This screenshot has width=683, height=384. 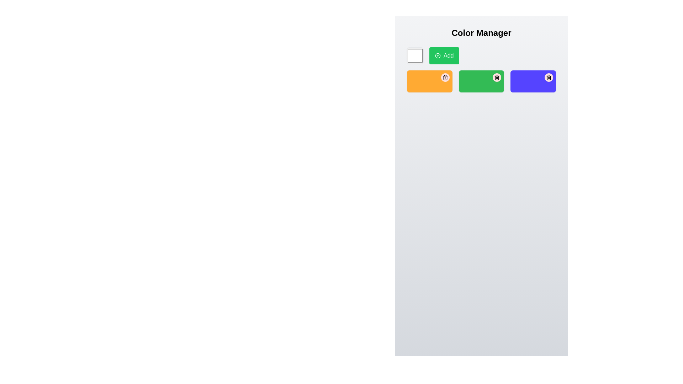 What do you see at coordinates (497, 78) in the screenshot?
I see `the circular red button with a trashcan icon located at the top-right corner of the green rectangular box` at bounding box center [497, 78].